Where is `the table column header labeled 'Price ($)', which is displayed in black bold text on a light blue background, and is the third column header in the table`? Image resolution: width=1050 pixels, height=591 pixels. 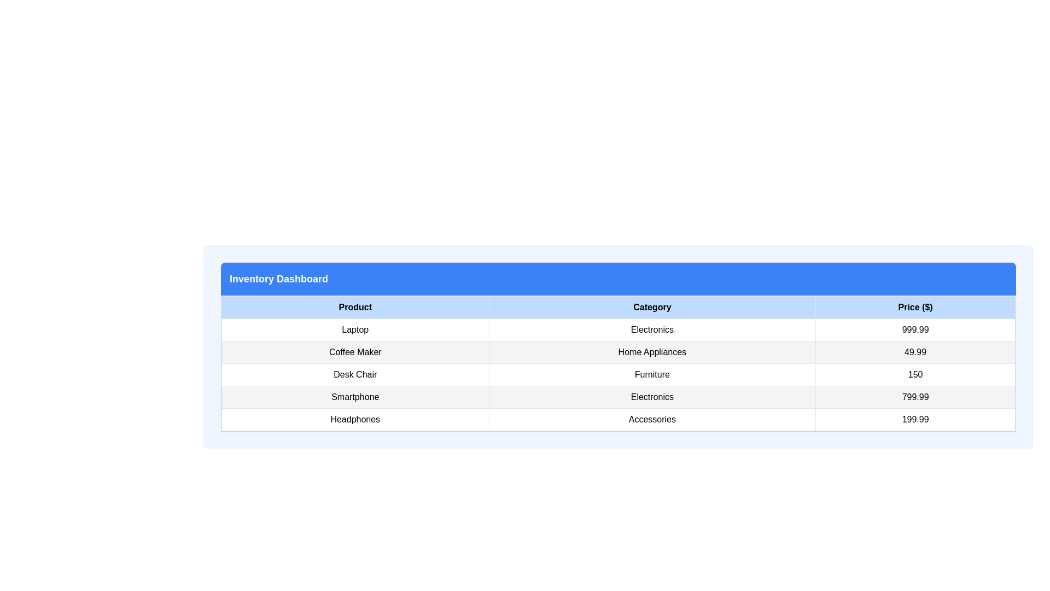
the table column header labeled 'Price ($)', which is displayed in black bold text on a light blue background, and is the third column header in the table is located at coordinates (915, 308).